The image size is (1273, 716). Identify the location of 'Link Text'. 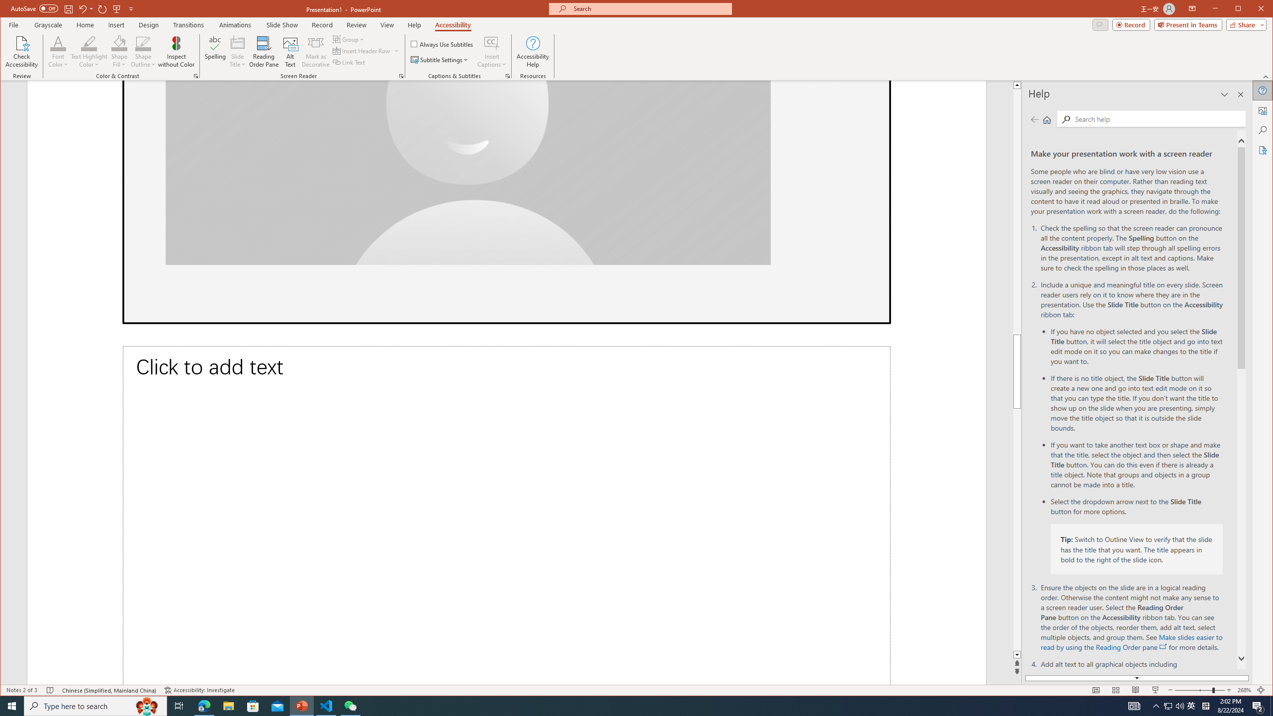
(349, 62).